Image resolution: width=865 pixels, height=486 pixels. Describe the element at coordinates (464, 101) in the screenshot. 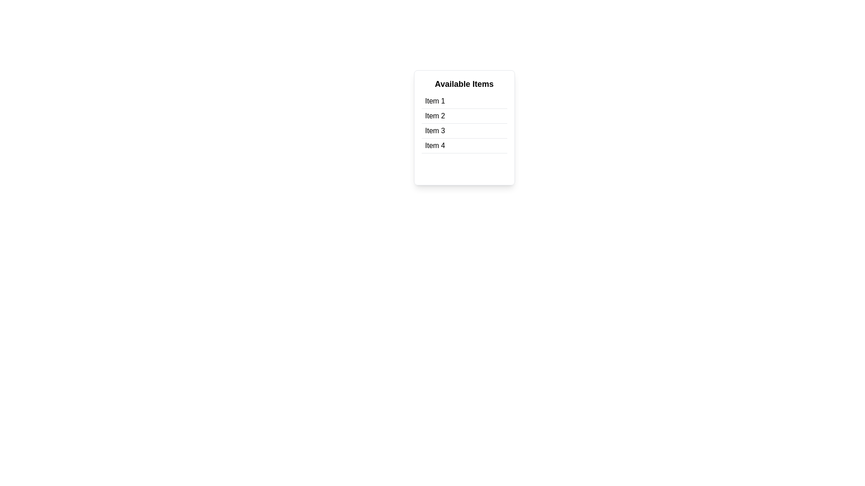

I see `the first row of the vertical list within the bordered card labeled 'Available Items'` at that location.